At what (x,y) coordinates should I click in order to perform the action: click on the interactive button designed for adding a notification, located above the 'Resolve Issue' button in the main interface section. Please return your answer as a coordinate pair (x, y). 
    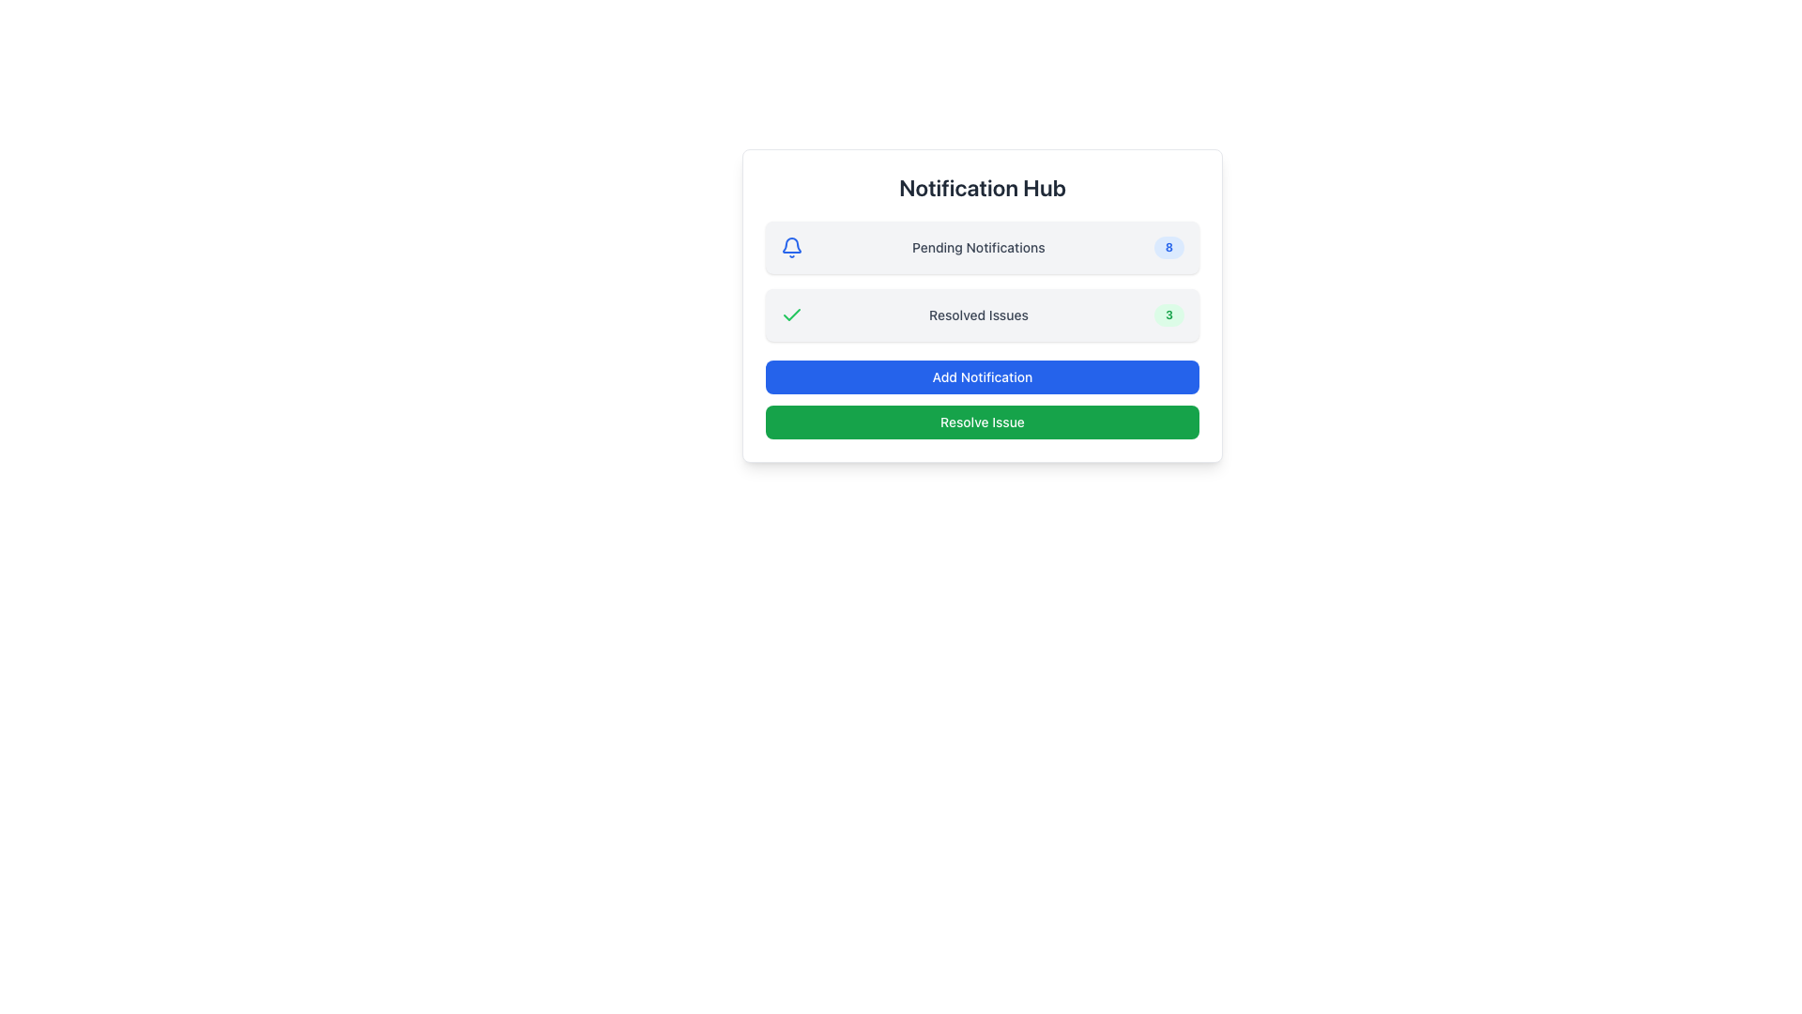
    Looking at the image, I should click on (981, 376).